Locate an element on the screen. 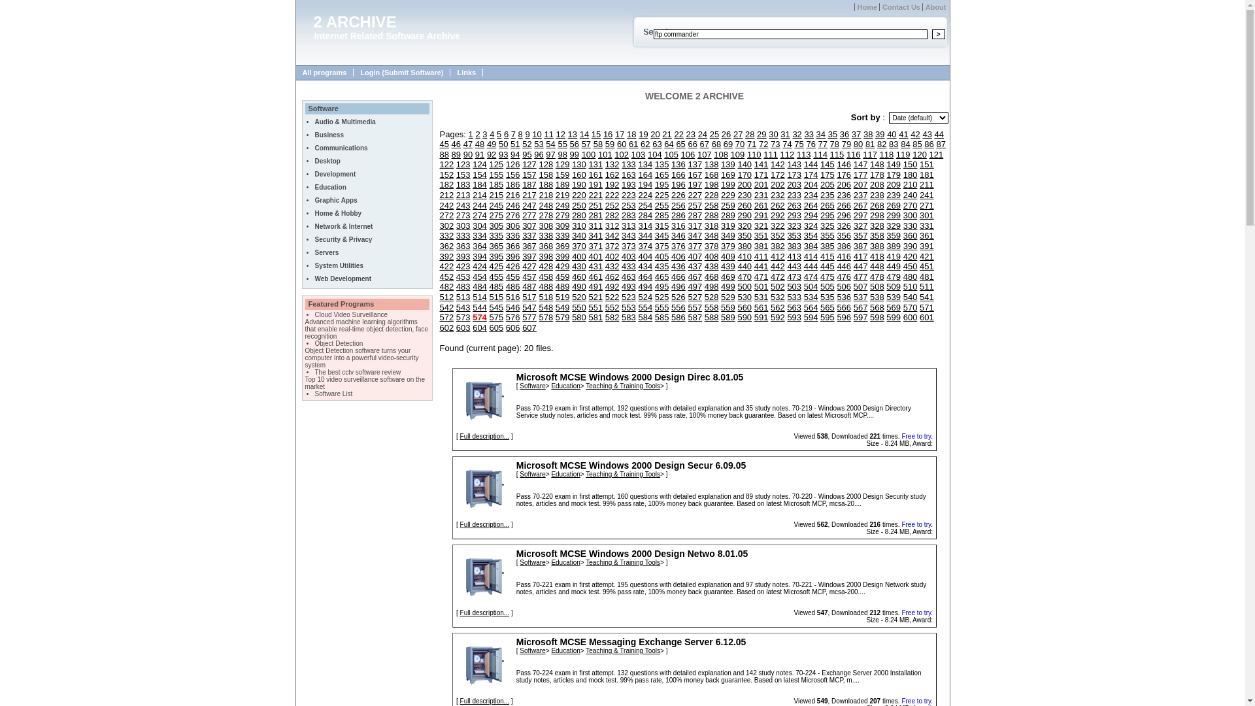 The image size is (1255, 706). '262' is located at coordinates (778, 205).